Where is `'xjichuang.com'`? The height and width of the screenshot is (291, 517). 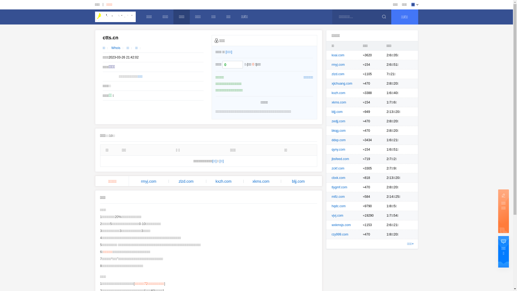 'xjichuang.com' is located at coordinates (342, 83).